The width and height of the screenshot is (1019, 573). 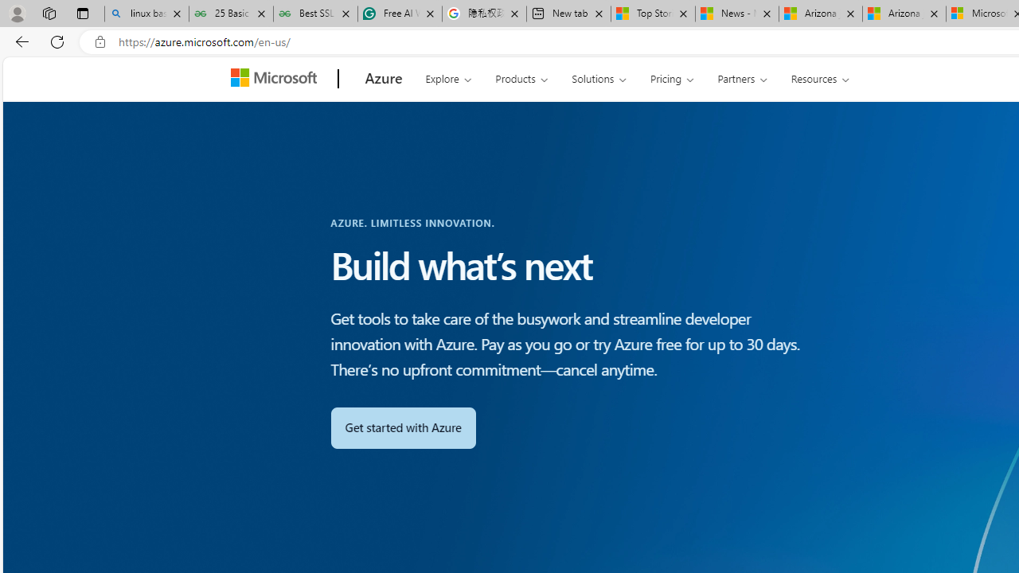 I want to click on 'Free AI Writing Assistance for Students | Grammarly', so click(x=400, y=14).